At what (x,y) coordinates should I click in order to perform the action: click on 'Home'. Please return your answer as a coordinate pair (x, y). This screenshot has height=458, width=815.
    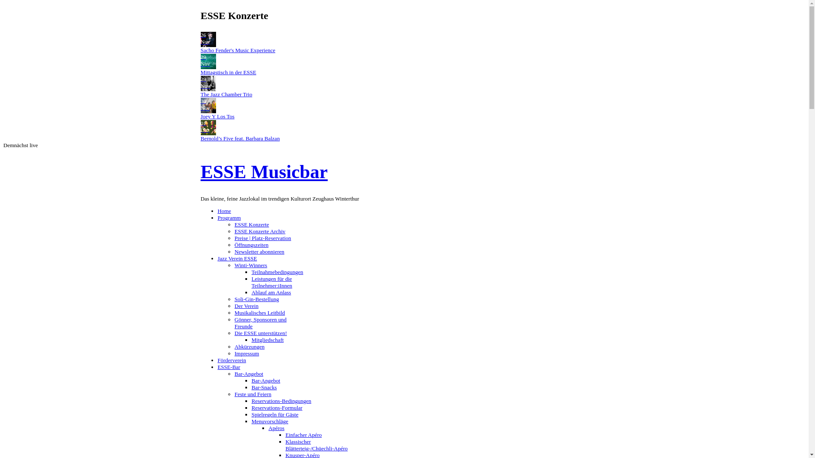
    Looking at the image, I should click on (224, 210).